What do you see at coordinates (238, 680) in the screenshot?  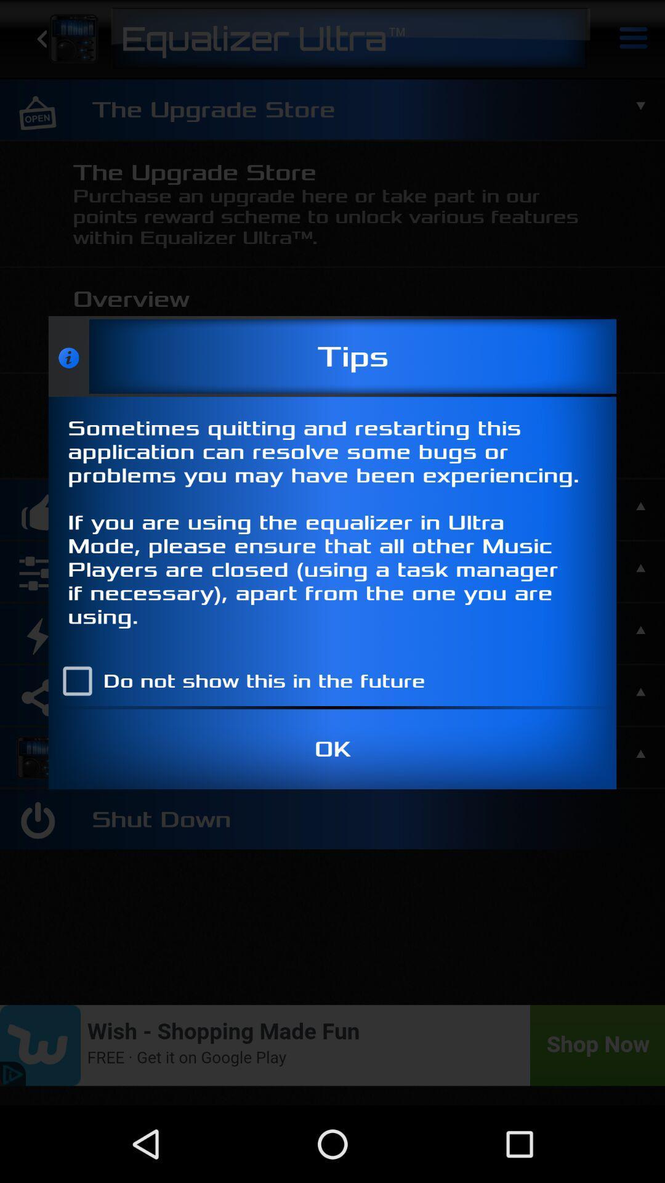 I see `do not show icon` at bounding box center [238, 680].